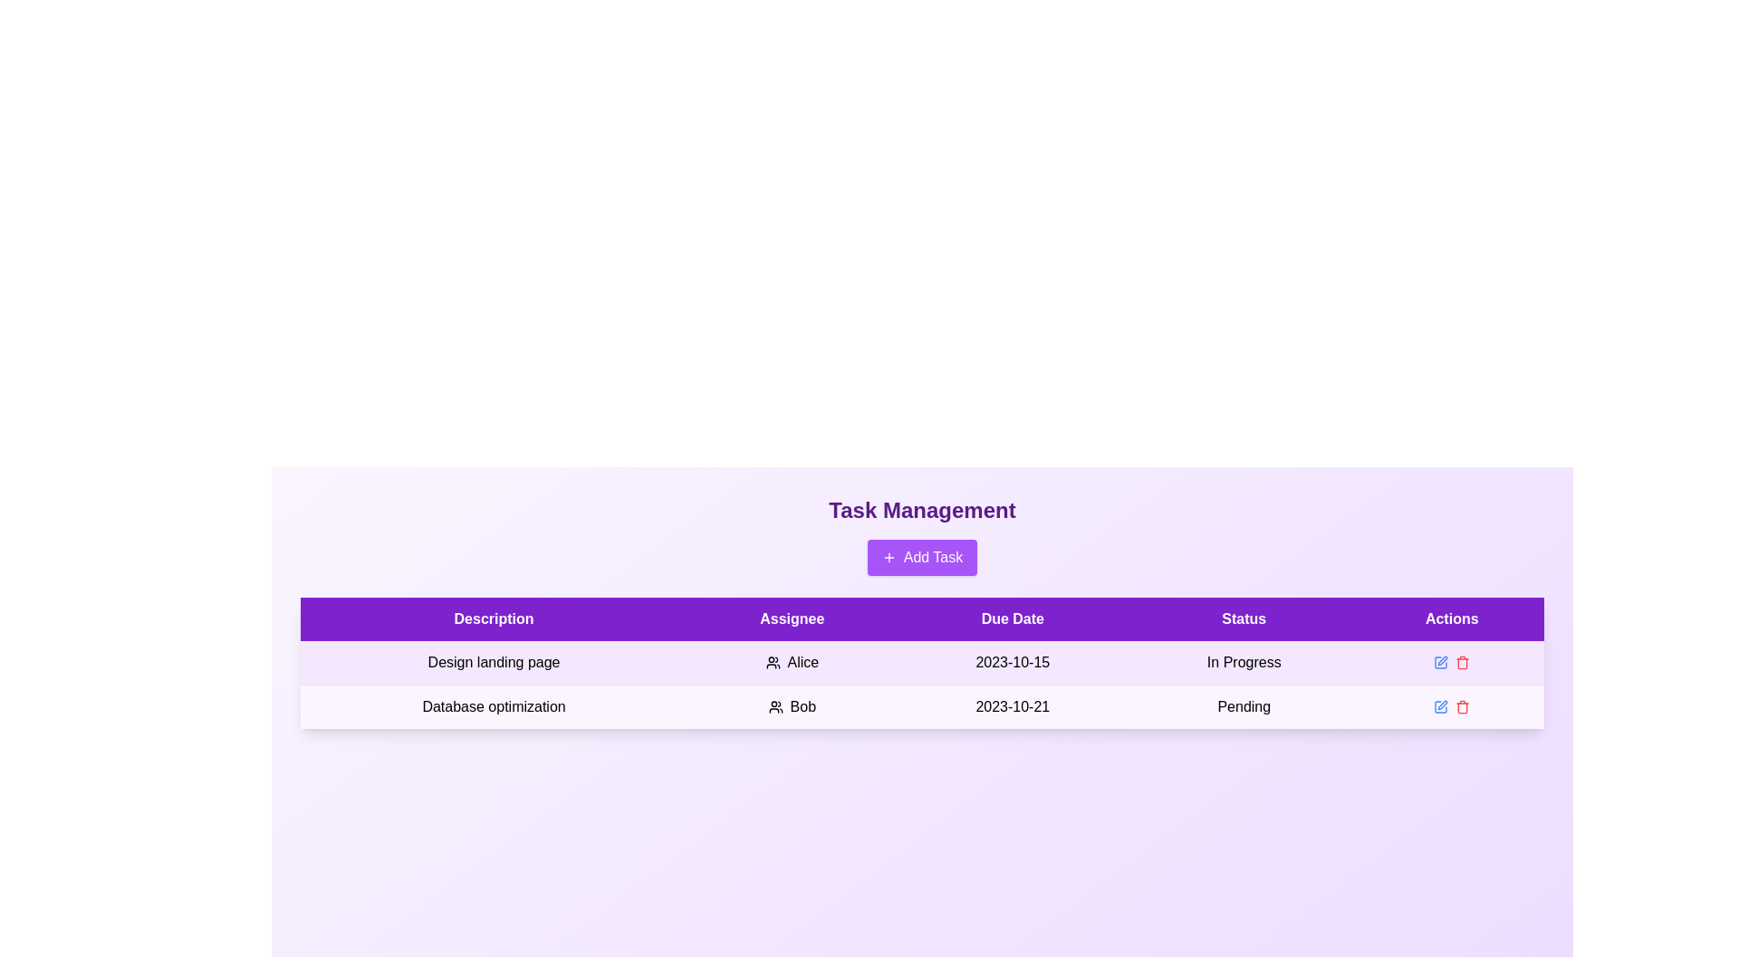 The image size is (1739, 978). What do you see at coordinates (922, 663) in the screenshot?
I see `the first row` at bounding box center [922, 663].